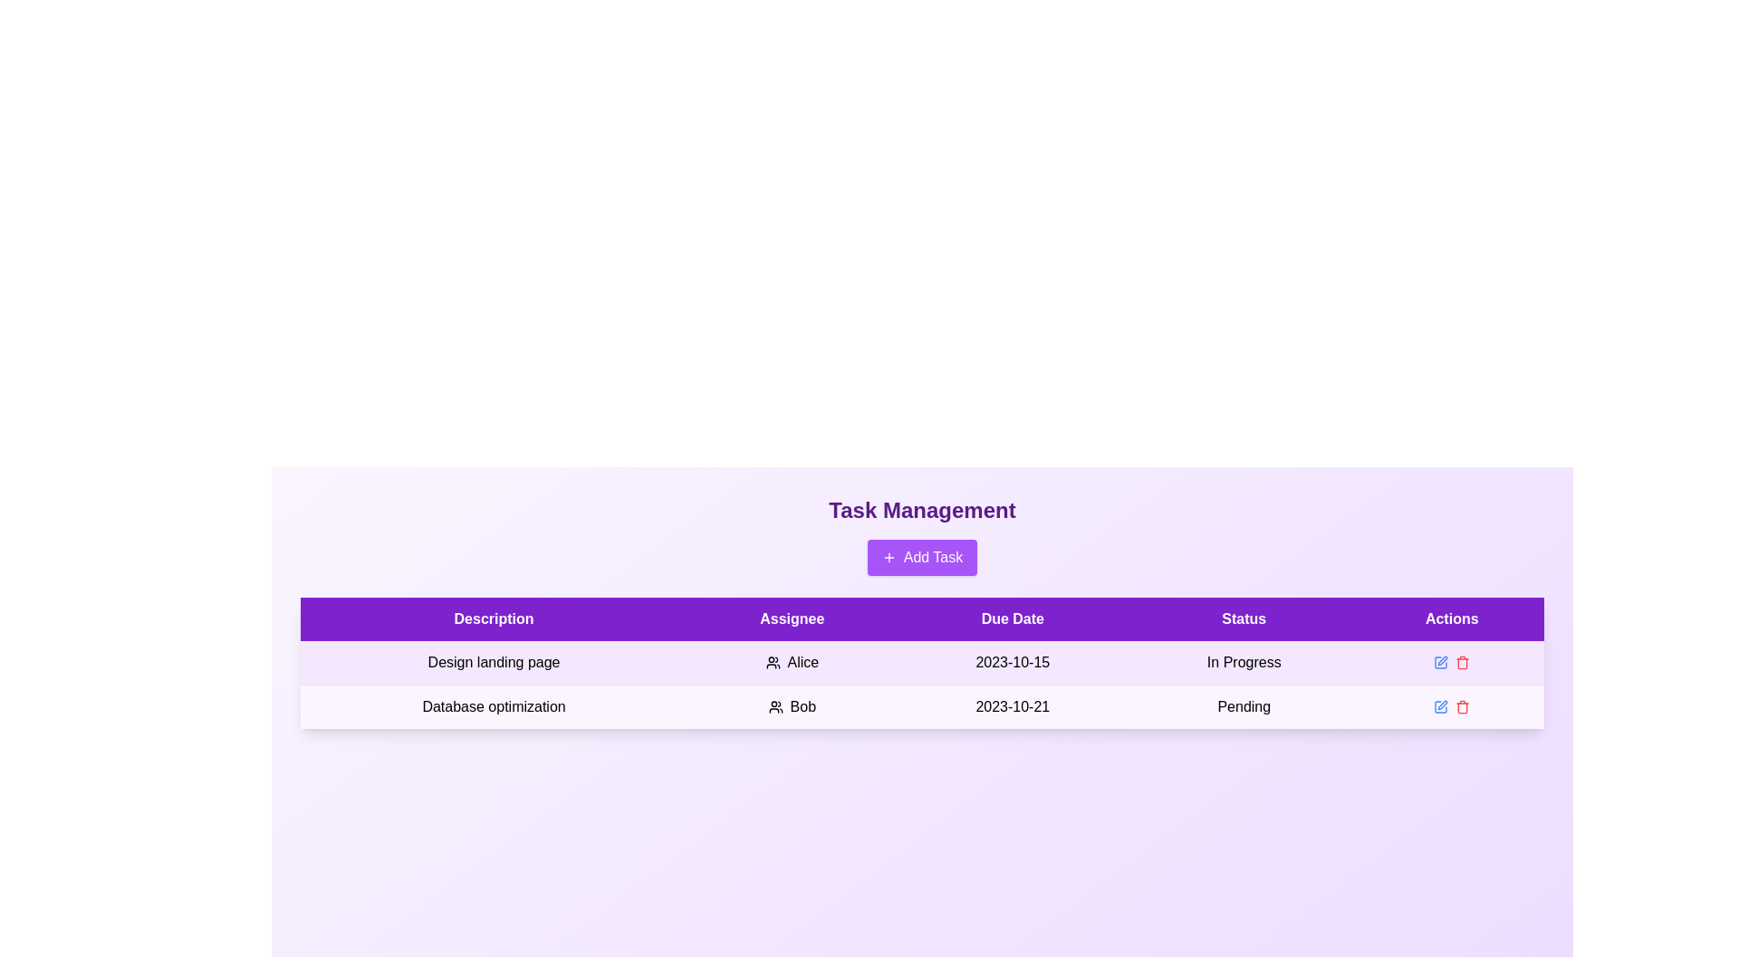 The image size is (1739, 978). What do you see at coordinates (922, 663) in the screenshot?
I see `the first row` at bounding box center [922, 663].